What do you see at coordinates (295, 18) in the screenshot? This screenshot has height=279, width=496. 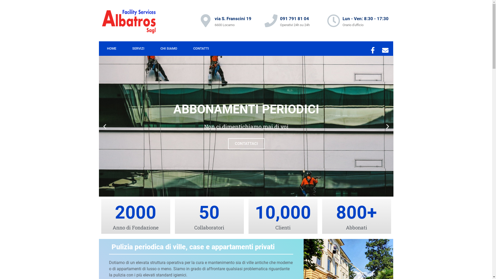 I see `'091 791 81 04'` at bounding box center [295, 18].